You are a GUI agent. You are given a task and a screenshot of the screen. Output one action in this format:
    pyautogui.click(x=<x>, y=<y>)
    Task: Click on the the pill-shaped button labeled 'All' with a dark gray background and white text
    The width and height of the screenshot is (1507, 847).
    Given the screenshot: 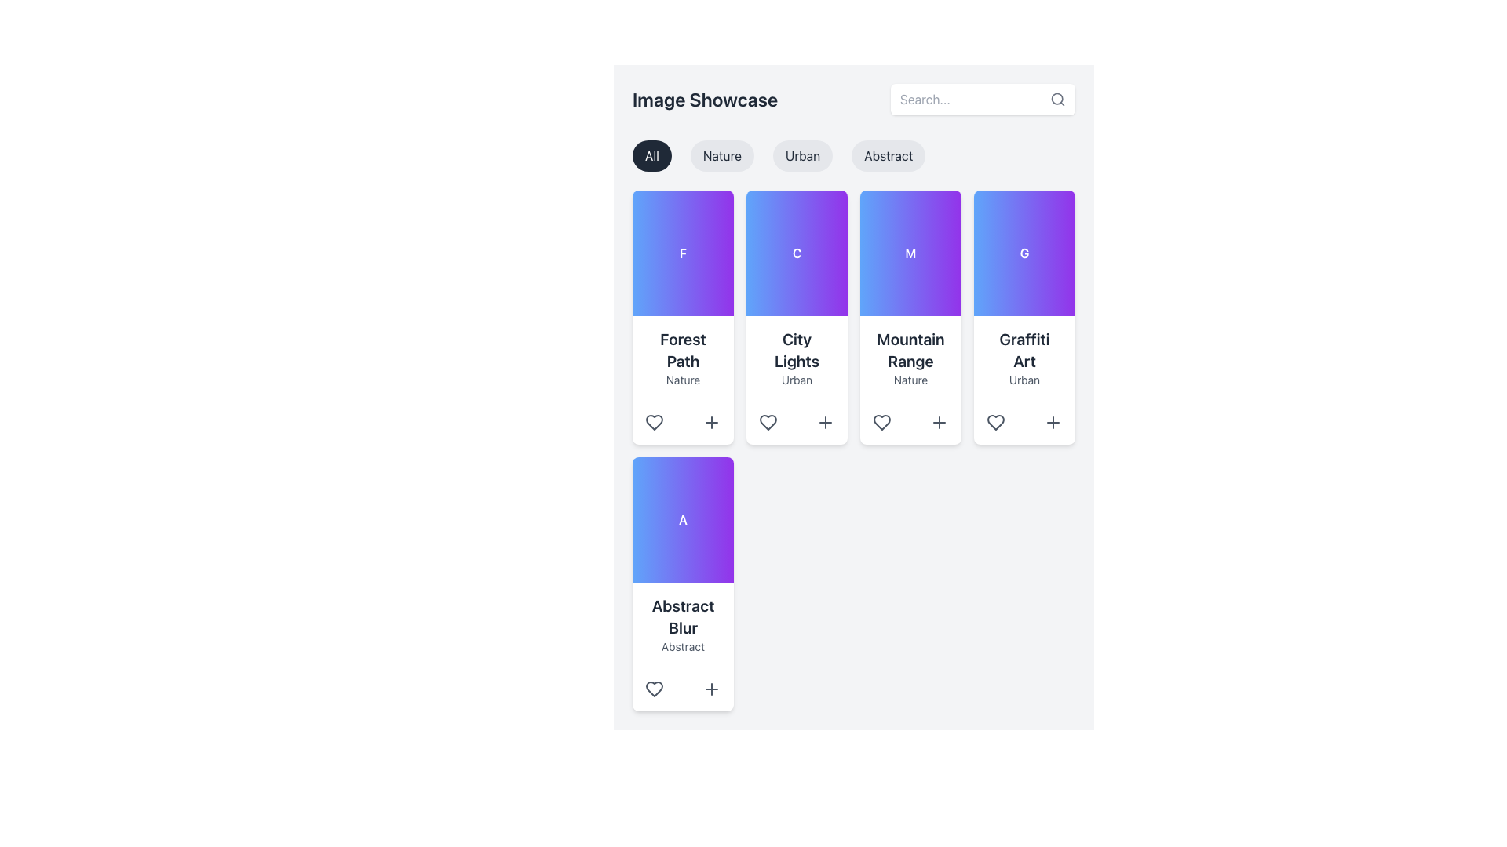 What is the action you would take?
    pyautogui.click(x=651, y=156)
    